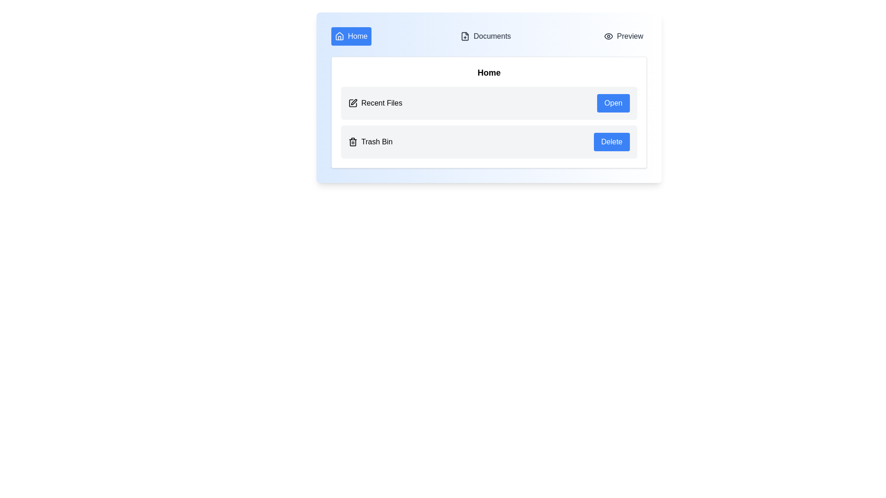 The width and height of the screenshot is (886, 498). What do you see at coordinates (357, 36) in the screenshot?
I see `the encompassing button that includes the 'Home' text label, which is part of the navigation bar and situated next to the house icon` at bounding box center [357, 36].